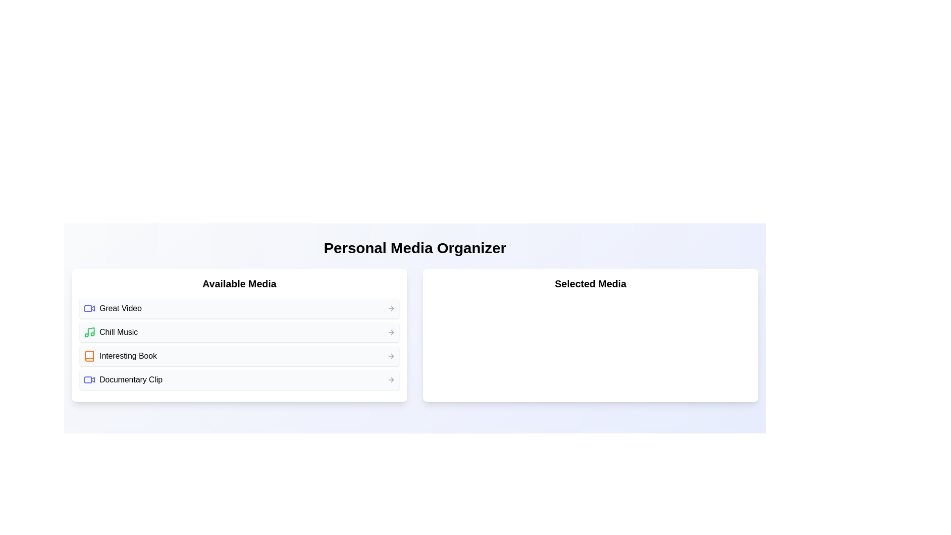  What do you see at coordinates (110, 332) in the screenshot?
I see `the List item with a green music note icon and the text label 'Chill Music'` at bounding box center [110, 332].